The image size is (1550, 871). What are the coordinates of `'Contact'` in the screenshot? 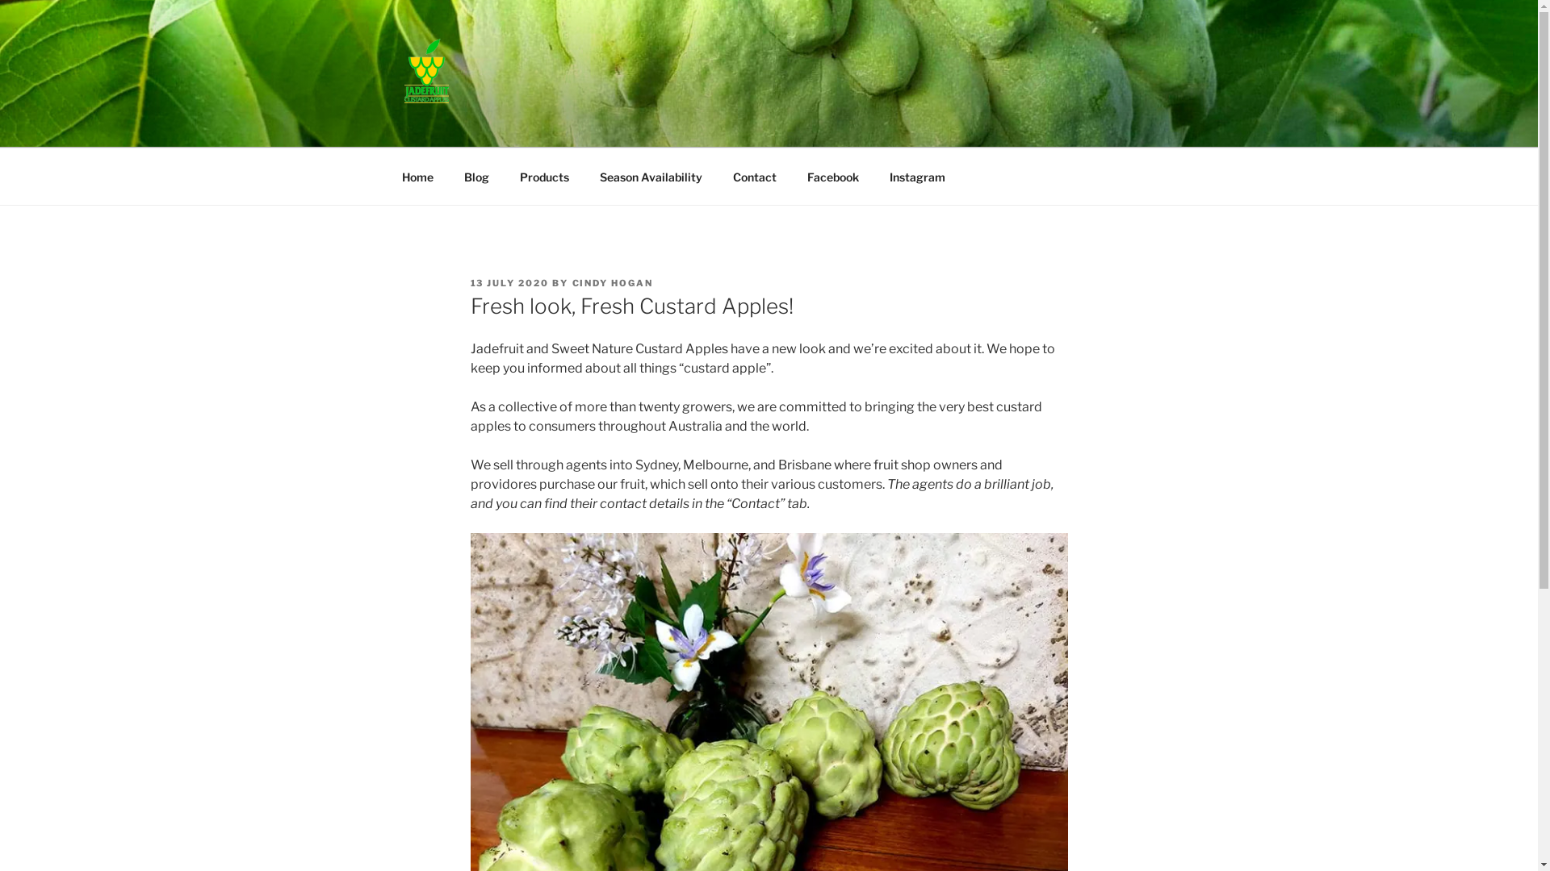 It's located at (753, 176).